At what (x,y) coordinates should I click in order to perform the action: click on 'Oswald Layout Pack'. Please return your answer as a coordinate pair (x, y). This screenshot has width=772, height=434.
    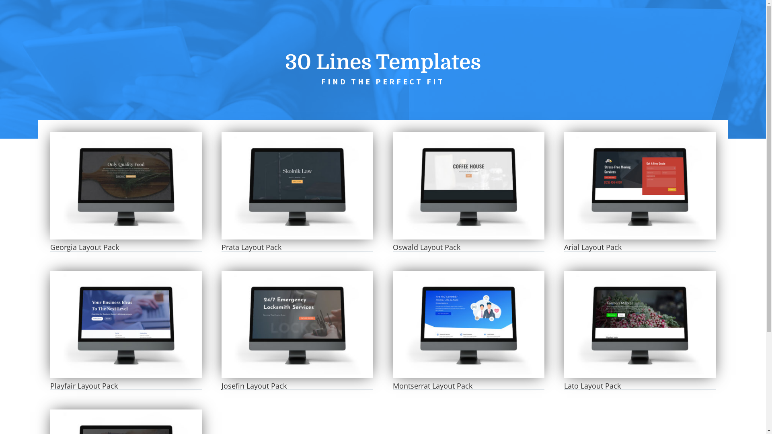
    Looking at the image, I should click on (468, 186).